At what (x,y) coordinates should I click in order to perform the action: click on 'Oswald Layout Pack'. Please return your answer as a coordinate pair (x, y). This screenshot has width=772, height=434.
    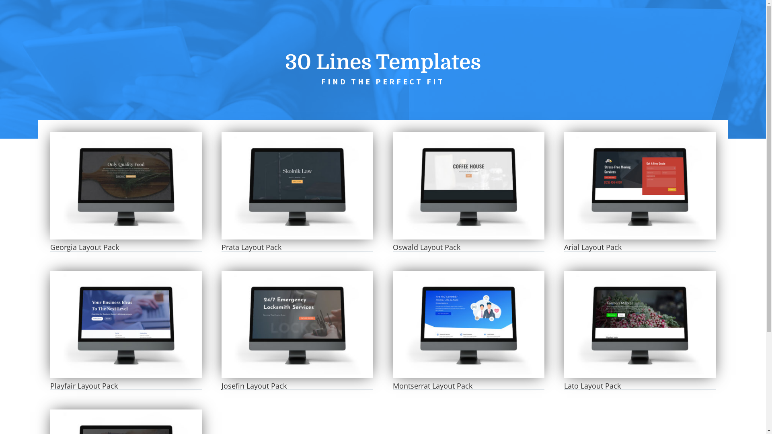
    Looking at the image, I should click on (468, 186).